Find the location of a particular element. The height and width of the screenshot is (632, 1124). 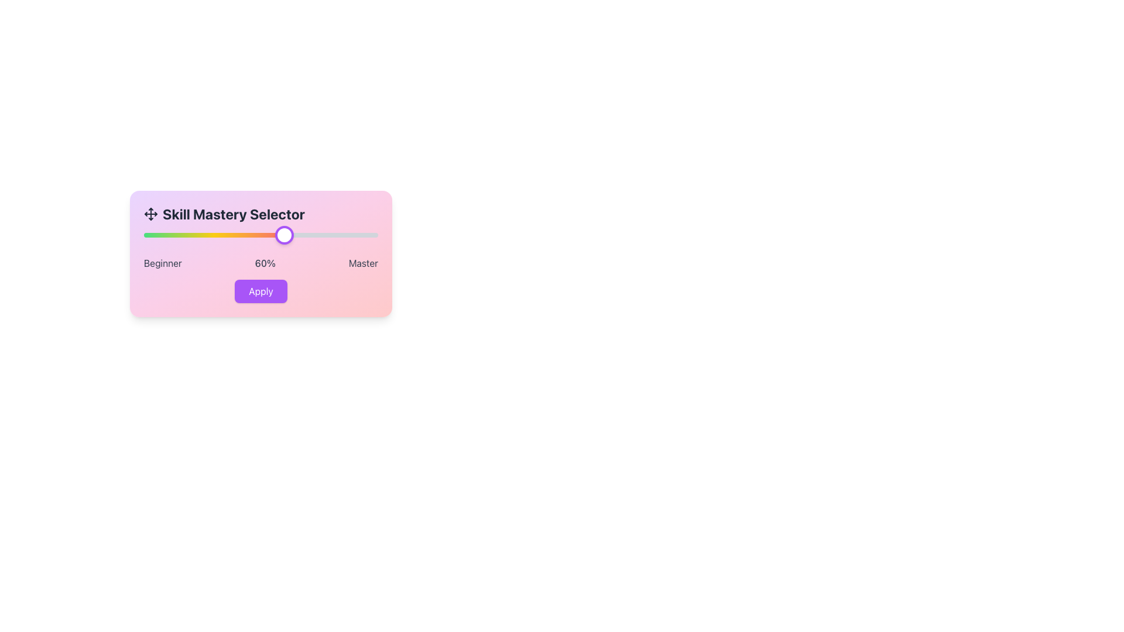

the Skill Mastery level is located at coordinates (376, 235).